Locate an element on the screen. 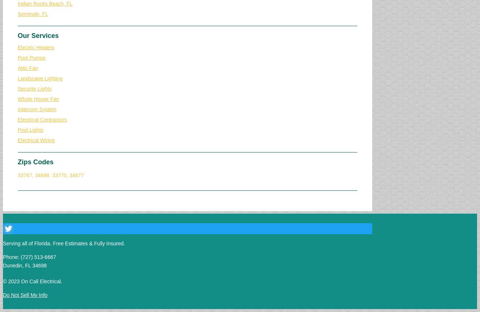 The image size is (480, 312). 'Electrical Contractors' is located at coordinates (42, 119).